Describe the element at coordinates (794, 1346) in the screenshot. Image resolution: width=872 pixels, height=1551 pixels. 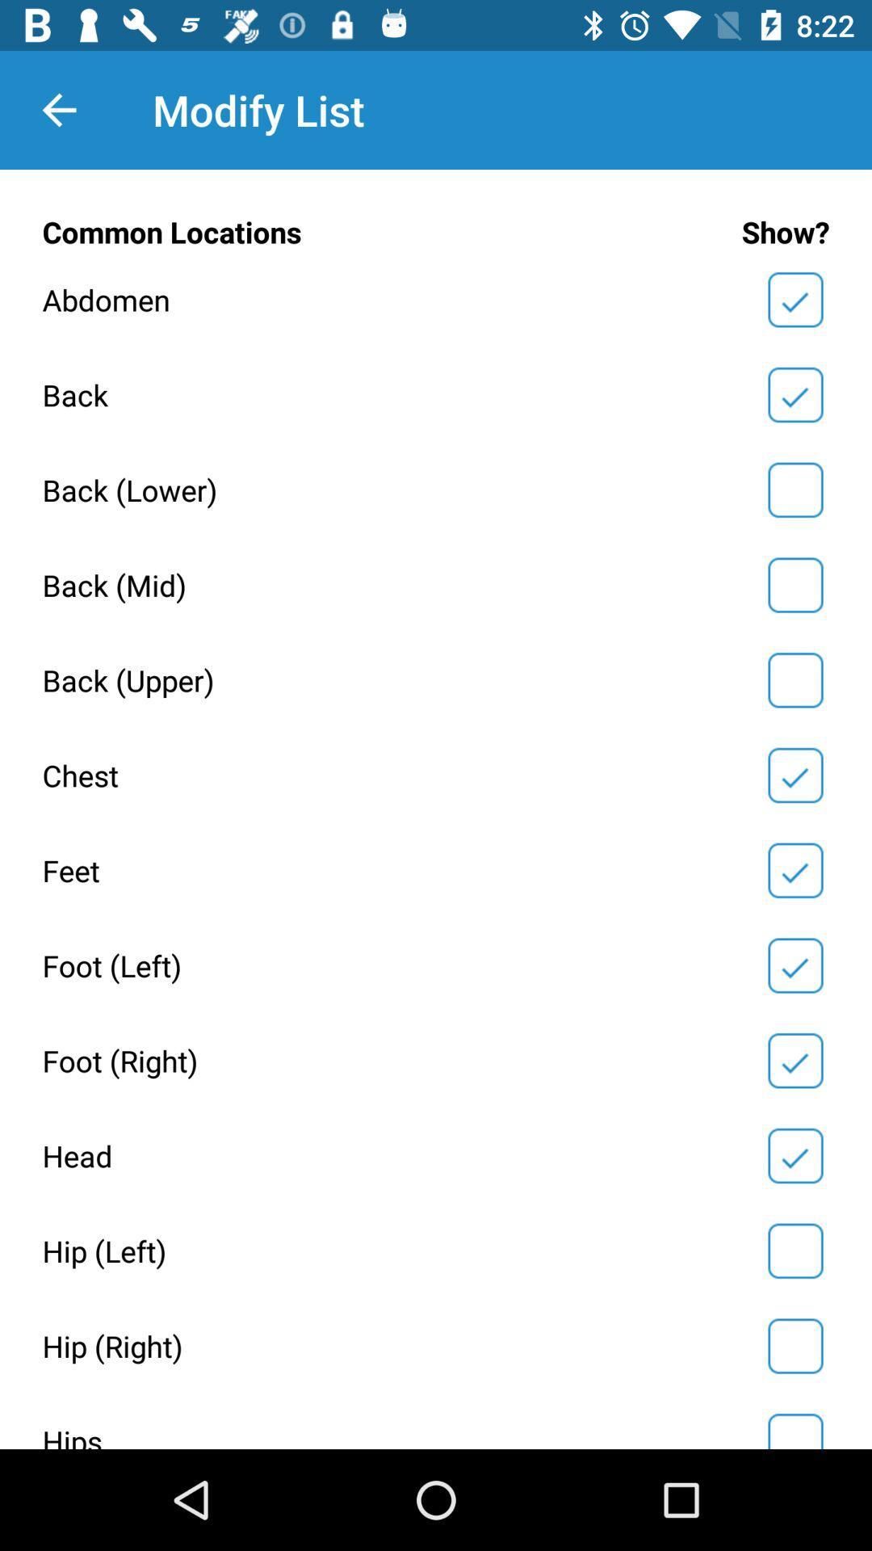
I see `symptom right hip` at that location.